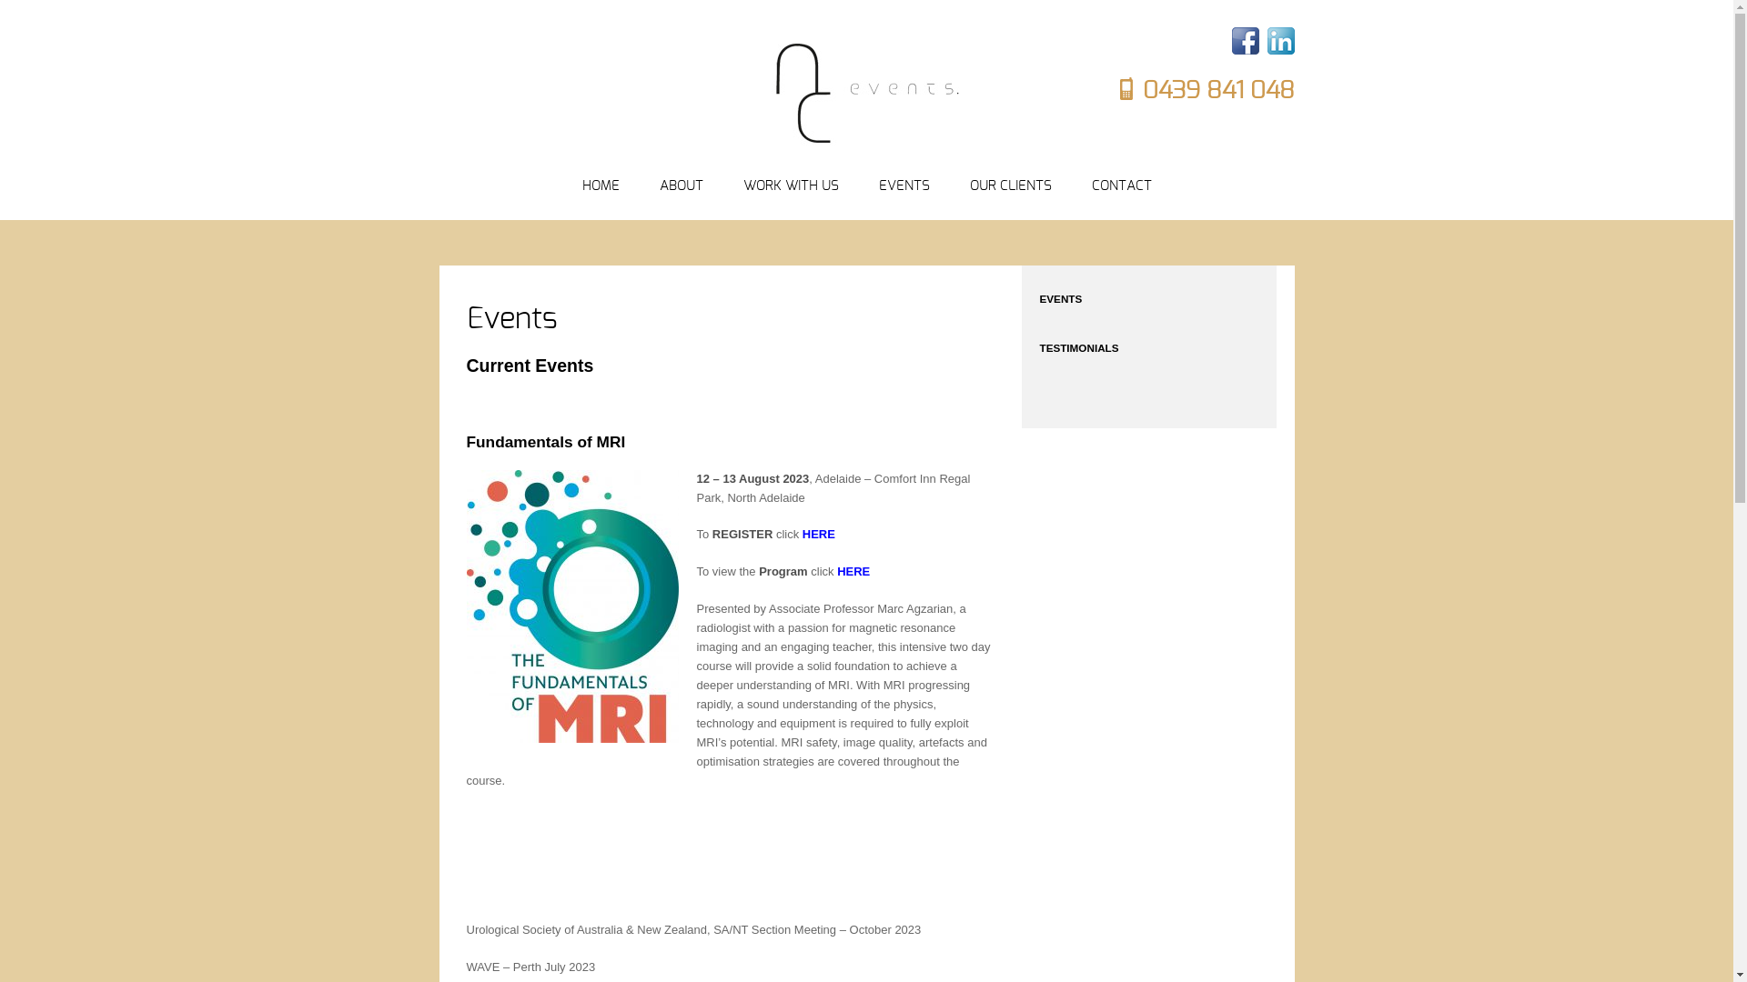  What do you see at coordinates (680, 186) in the screenshot?
I see `'ABOUT'` at bounding box center [680, 186].